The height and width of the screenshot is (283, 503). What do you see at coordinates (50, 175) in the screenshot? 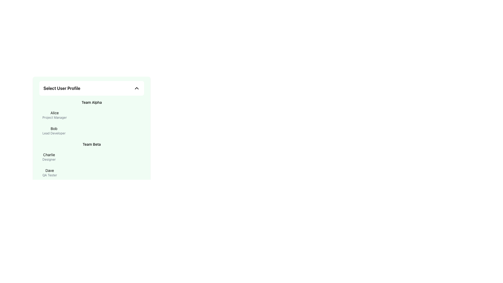
I see `the static text label displaying 'QA Tester', which is styled in gray and located below the label 'Dave' within the 'Team Beta' section` at bounding box center [50, 175].